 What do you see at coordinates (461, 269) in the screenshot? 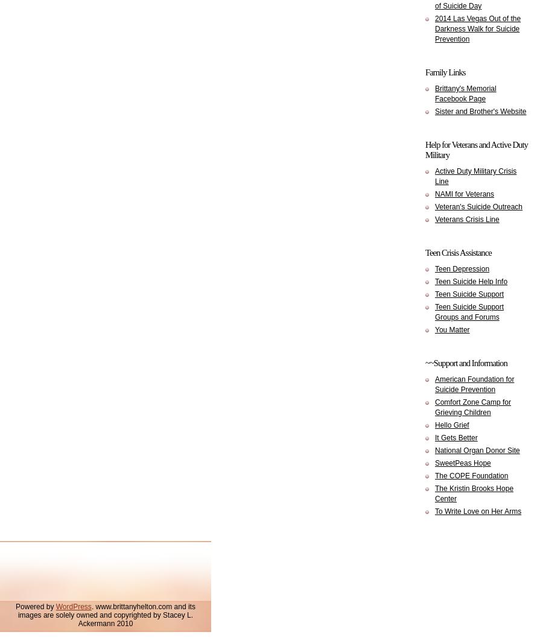
I see `'Teen Depression'` at bounding box center [461, 269].